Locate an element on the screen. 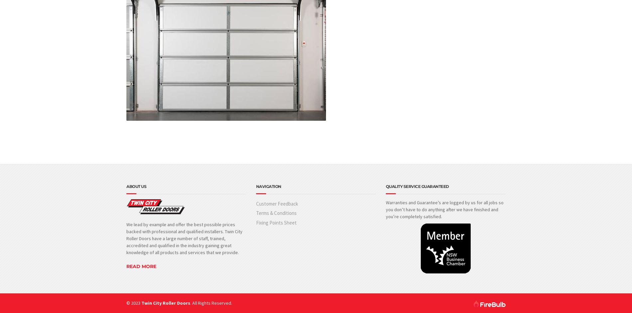 This screenshot has height=313, width=632. 'NAVIGATION' is located at coordinates (268, 186).